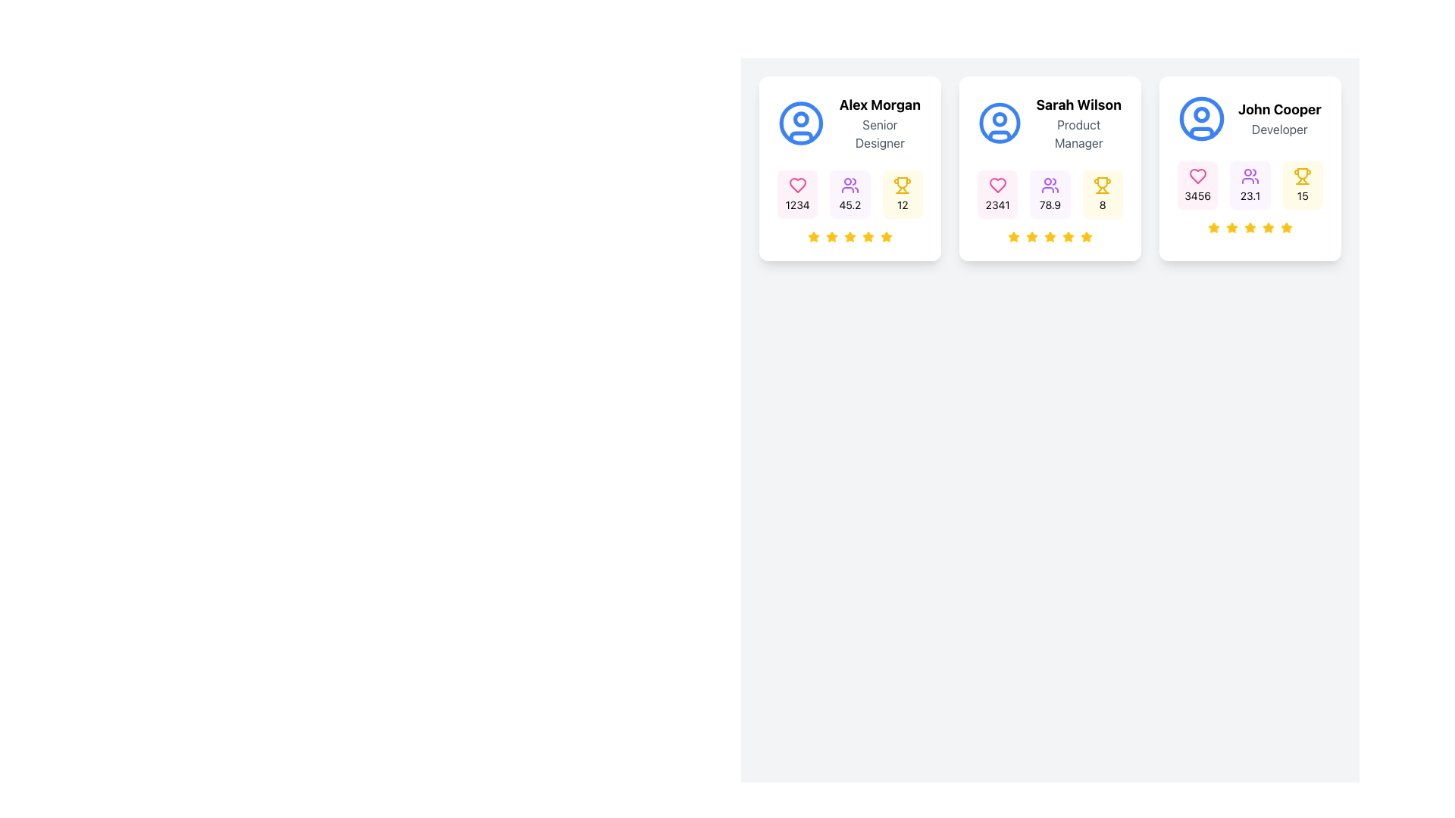 Image resolution: width=1455 pixels, height=818 pixels. What do you see at coordinates (850, 236) in the screenshot?
I see `the yellow star-shaped icon located in the bottom row of the card labeled 'Alex Morgan' at the center of the row of five stars` at bounding box center [850, 236].